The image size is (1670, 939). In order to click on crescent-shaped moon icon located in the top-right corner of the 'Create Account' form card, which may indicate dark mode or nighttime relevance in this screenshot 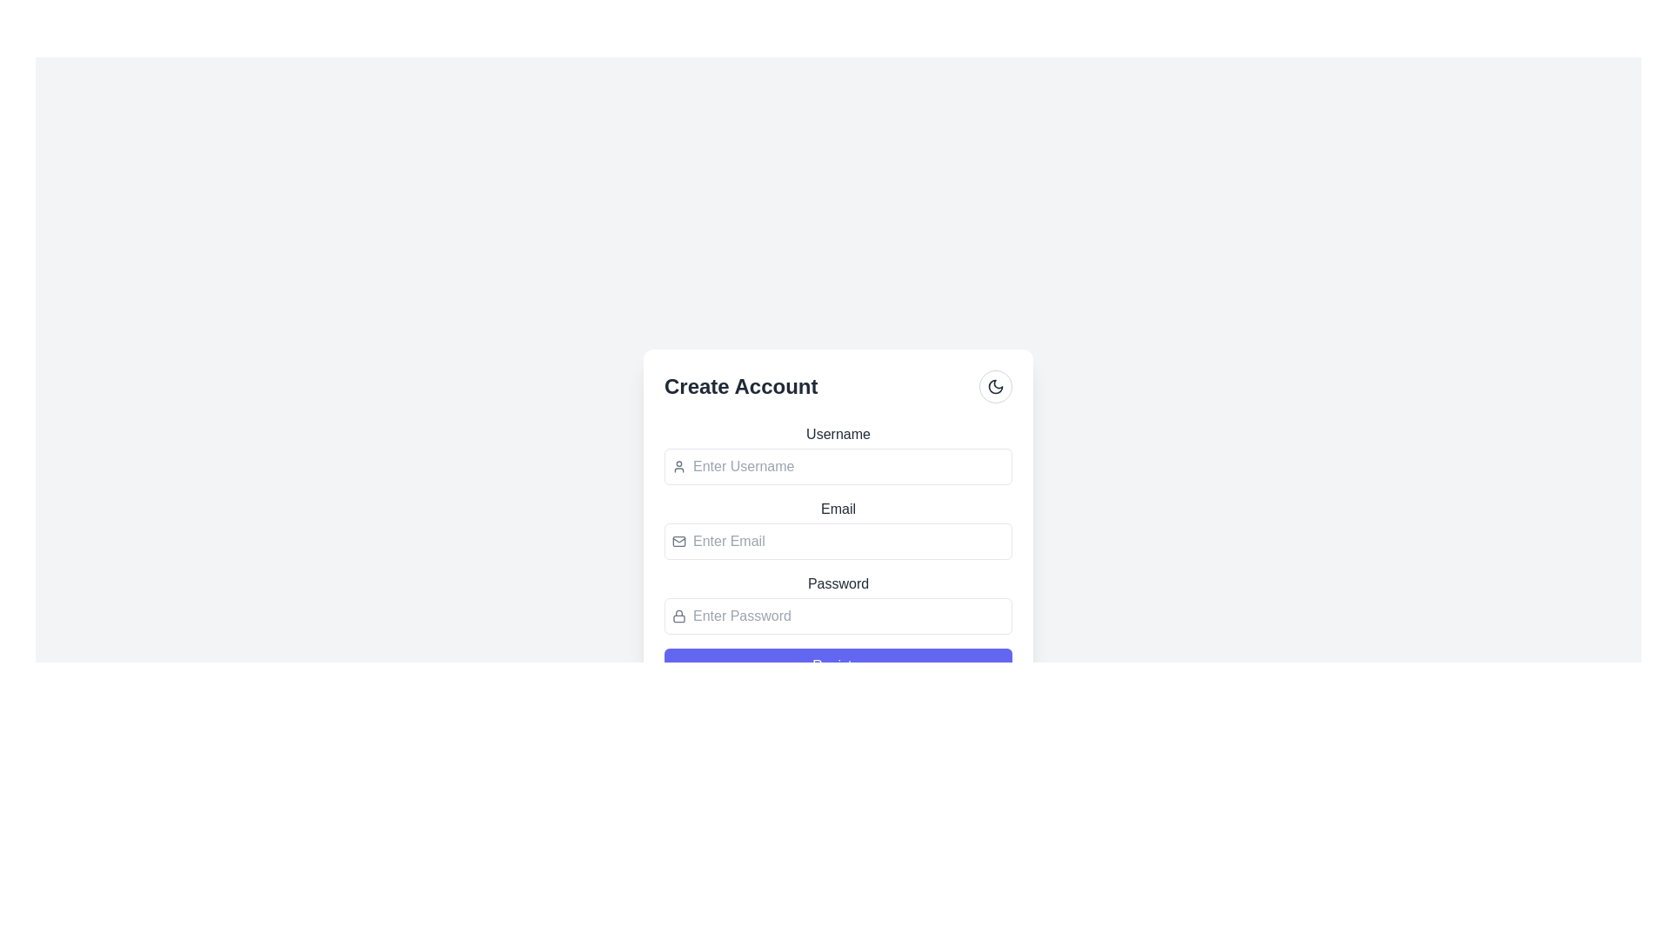, I will do `click(996, 385)`.